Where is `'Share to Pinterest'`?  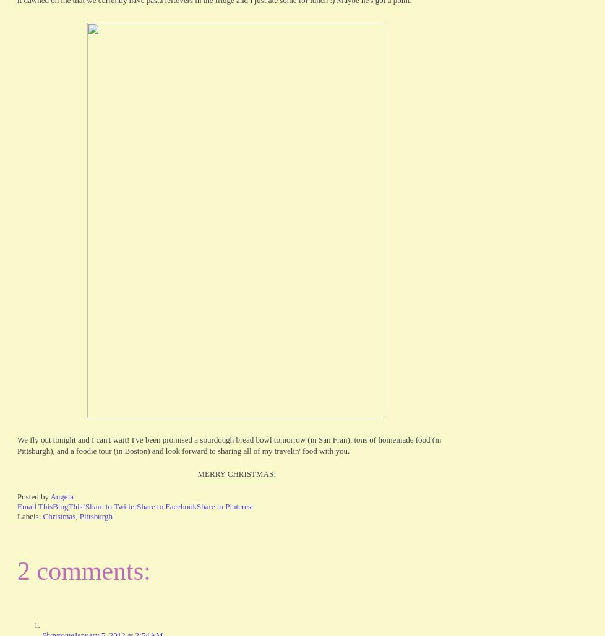
'Share to Pinterest' is located at coordinates (224, 506).